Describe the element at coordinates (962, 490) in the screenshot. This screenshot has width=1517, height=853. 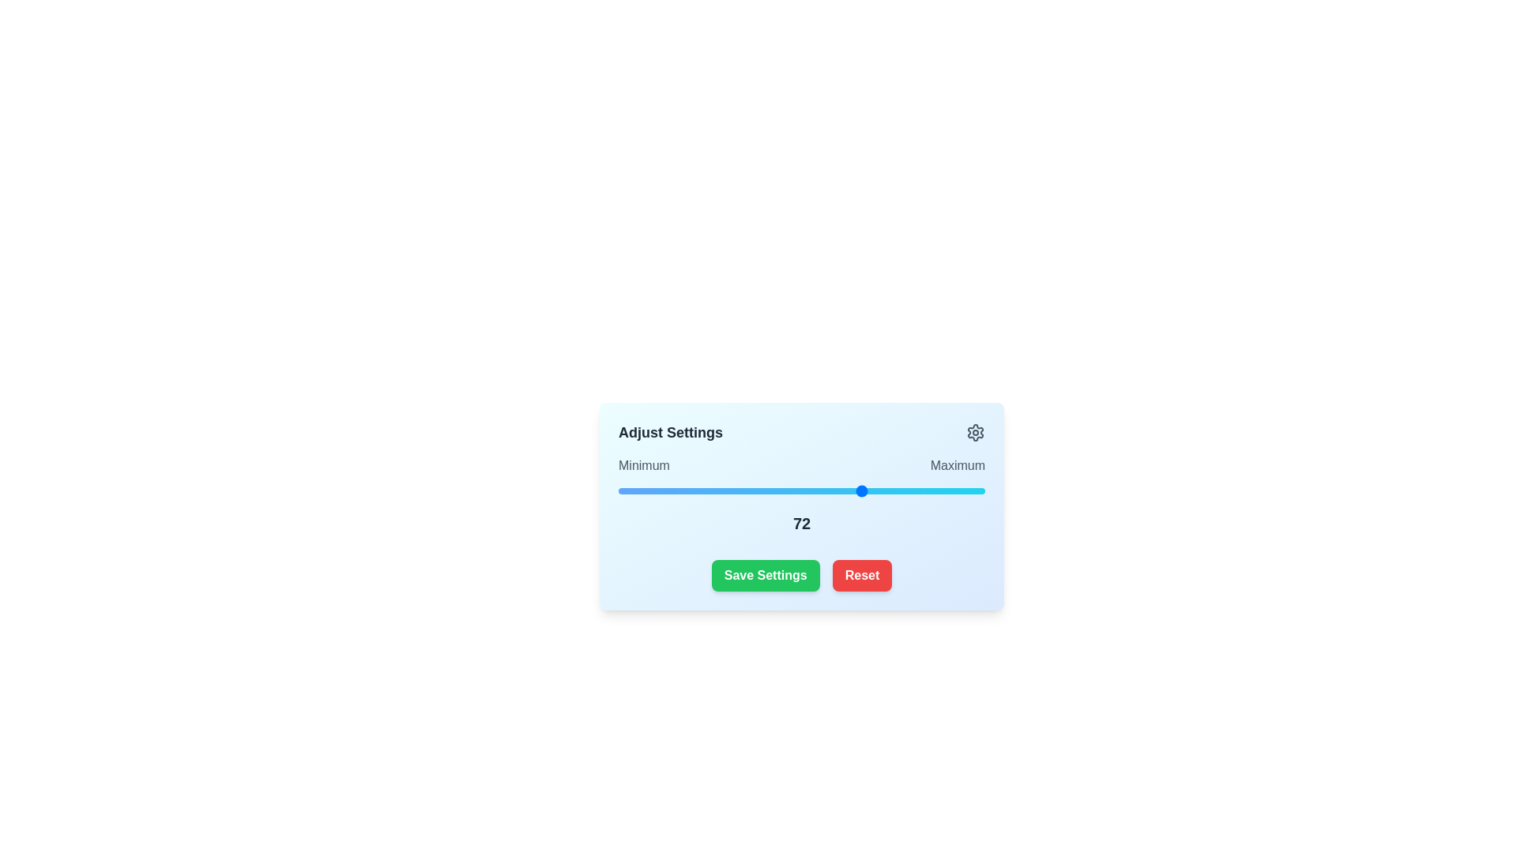
I see `the slider to set its value to 95` at that location.